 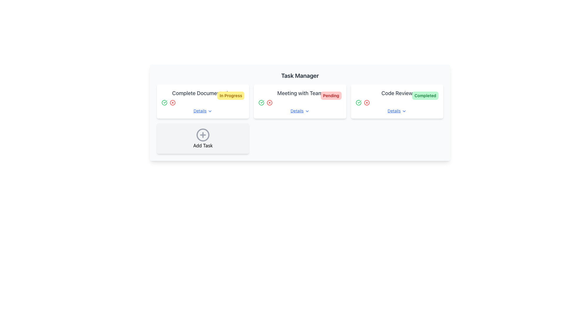 I want to click on the hyperlink located beneath the 'Code Review' header in the right-side task card of the task manager interface, so click(x=397, y=111).